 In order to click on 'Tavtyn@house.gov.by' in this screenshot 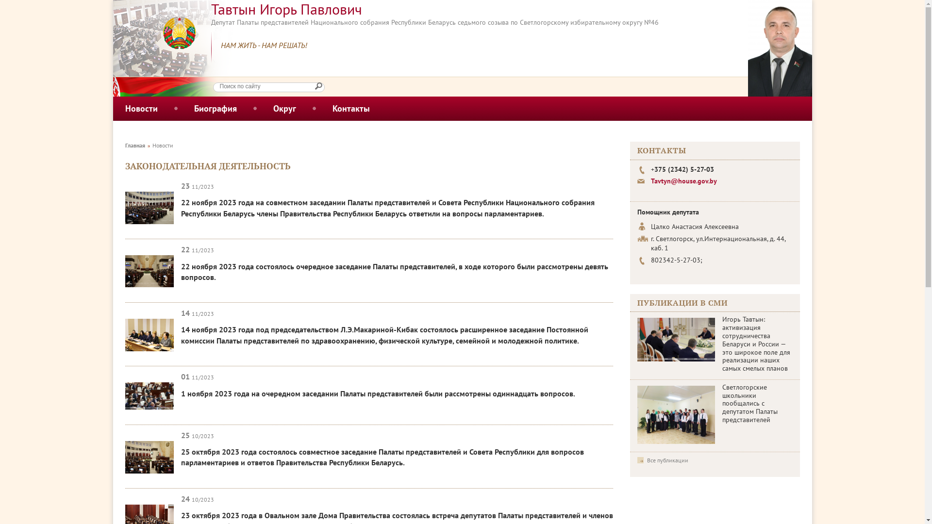, I will do `click(682, 181)`.